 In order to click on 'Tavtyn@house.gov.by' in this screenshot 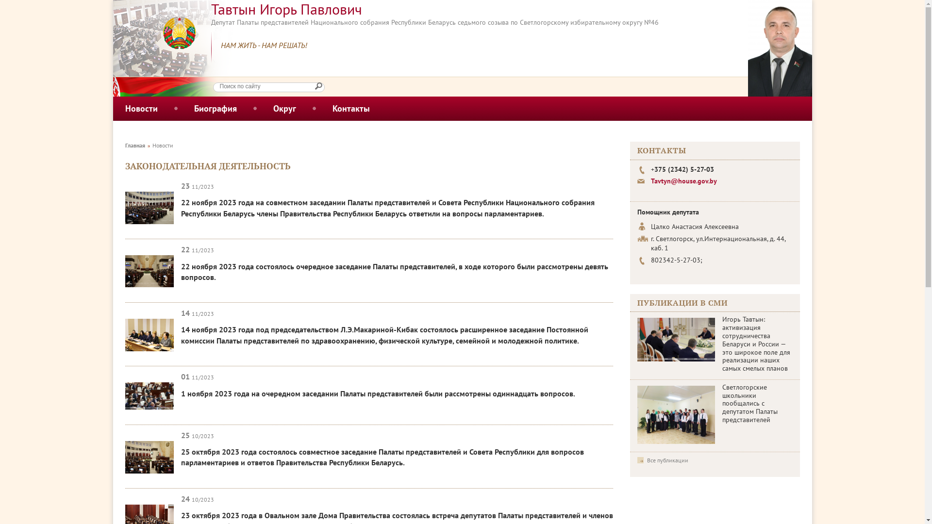, I will do `click(682, 181)`.